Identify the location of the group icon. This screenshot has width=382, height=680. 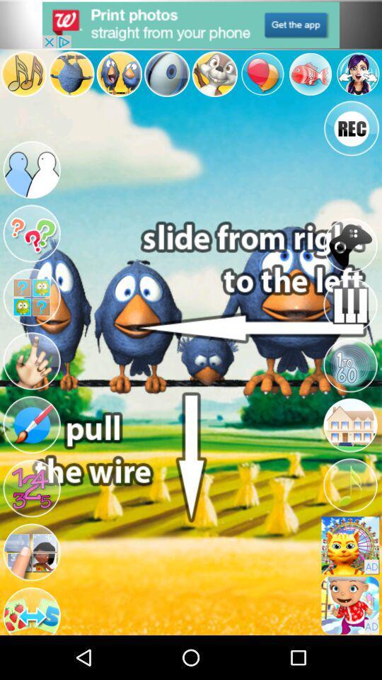
(31, 181).